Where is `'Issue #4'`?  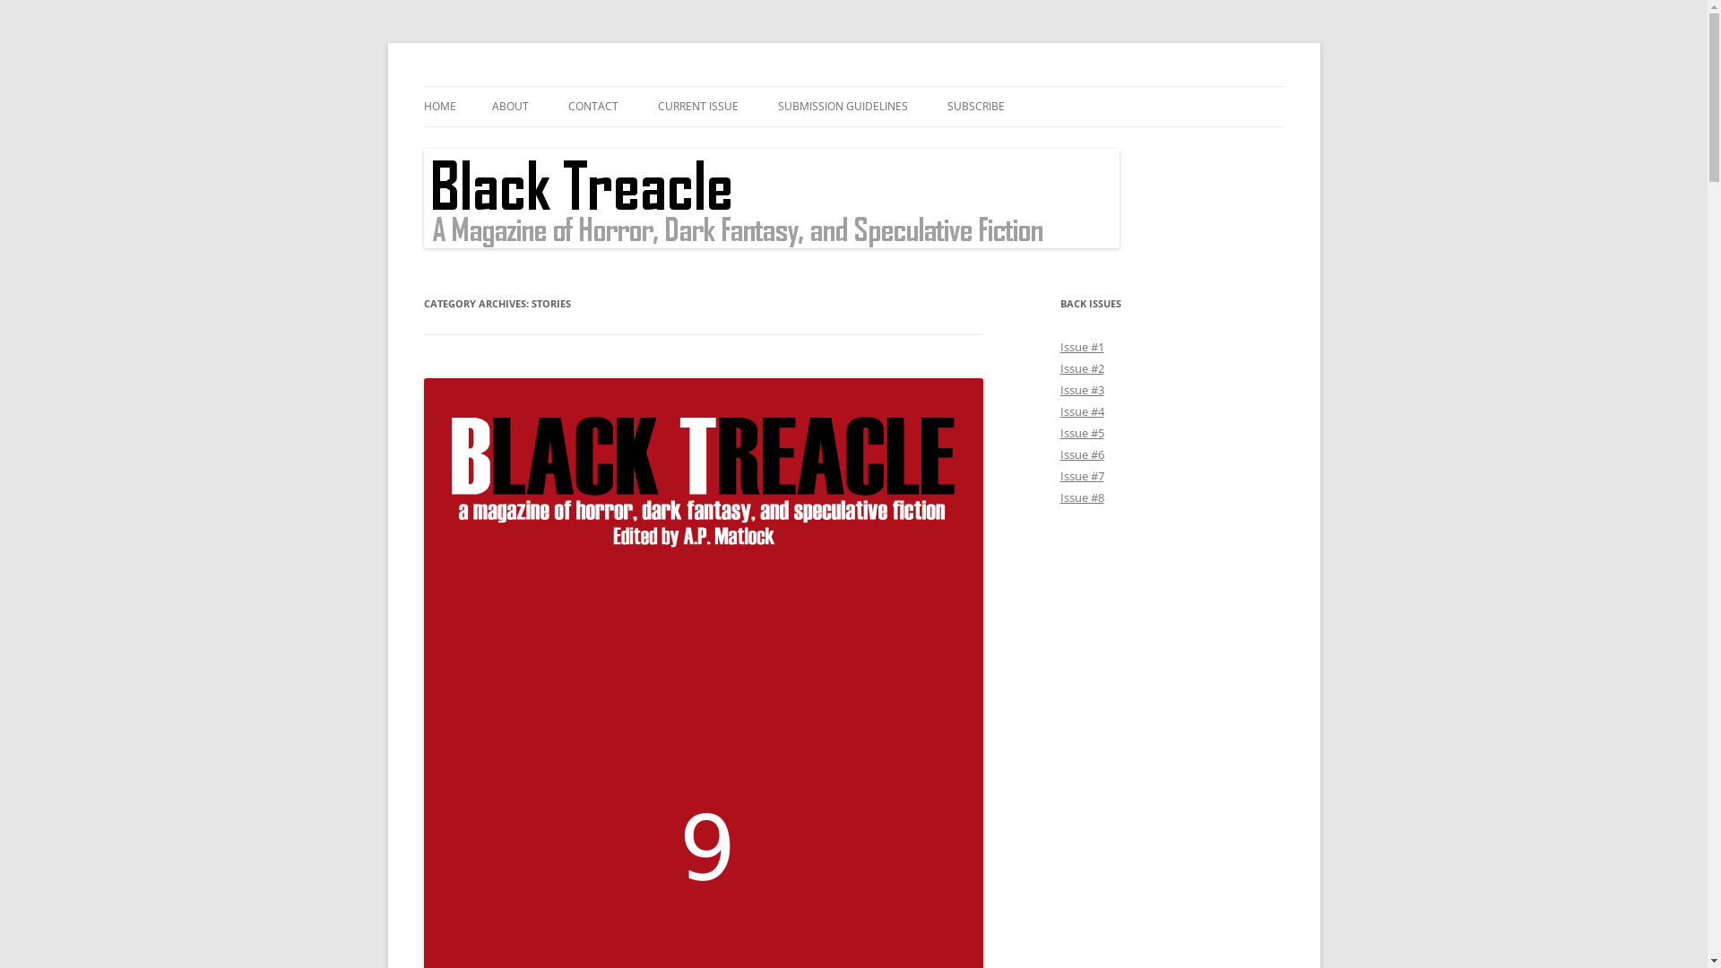 'Issue #4' is located at coordinates (1080, 411).